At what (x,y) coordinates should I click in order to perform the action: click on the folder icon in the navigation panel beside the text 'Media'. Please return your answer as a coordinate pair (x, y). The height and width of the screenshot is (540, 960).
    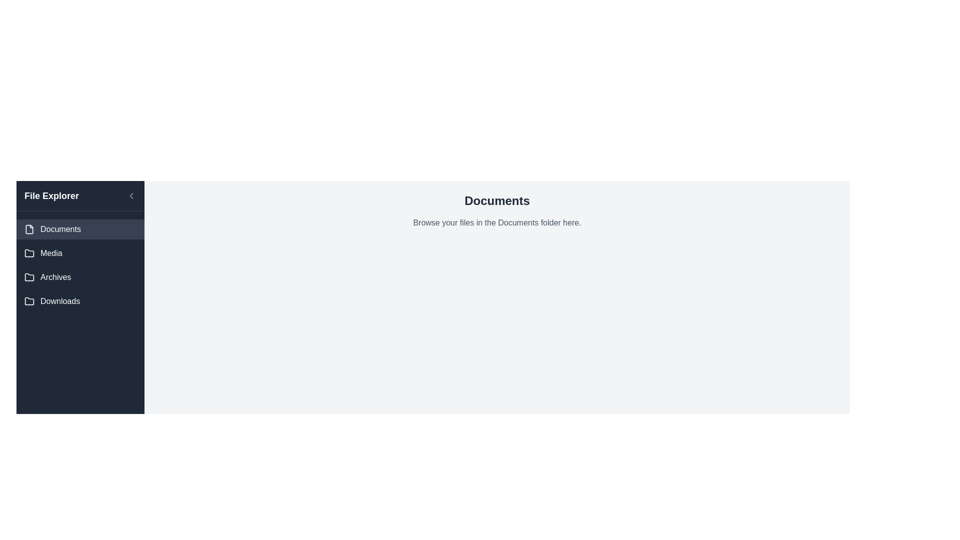
    Looking at the image, I should click on (29, 252).